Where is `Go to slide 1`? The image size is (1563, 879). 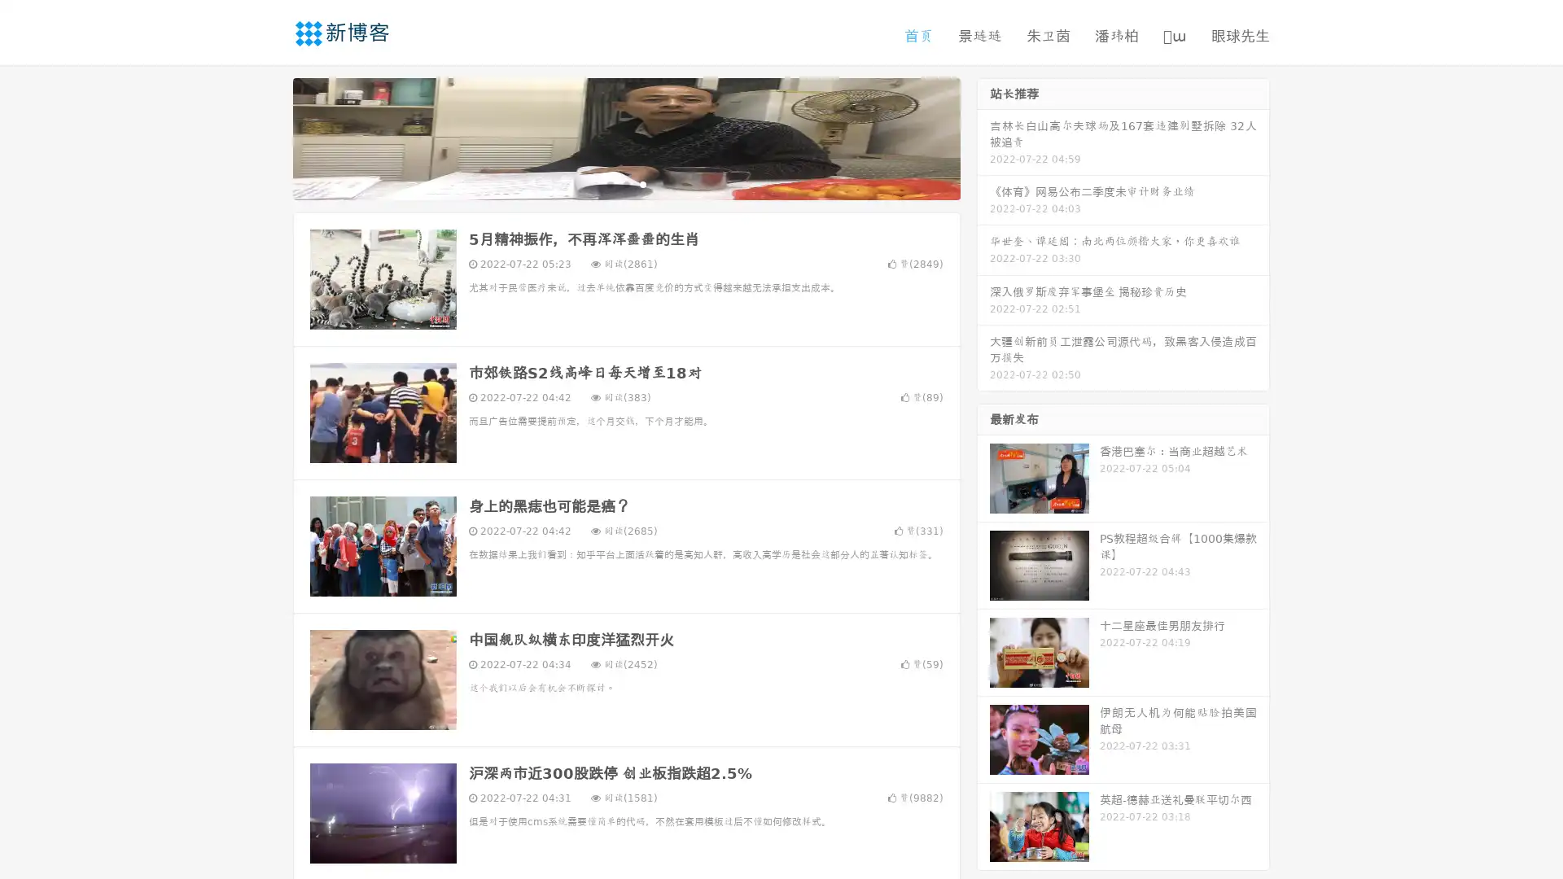
Go to slide 1 is located at coordinates (609, 183).